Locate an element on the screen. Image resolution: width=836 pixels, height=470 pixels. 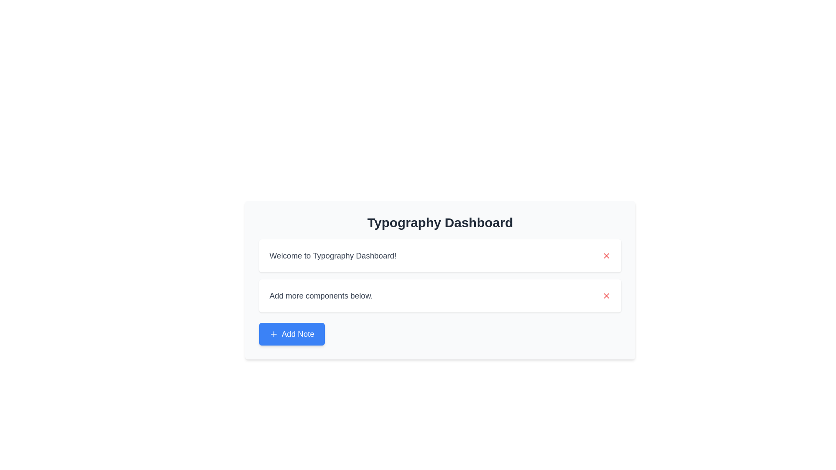
the static text element that reads 'Welcome to Typography Dashboard!', which is styled with a larger font size and gray color, located within a white background box with rounded corners is located at coordinates (332, 255).